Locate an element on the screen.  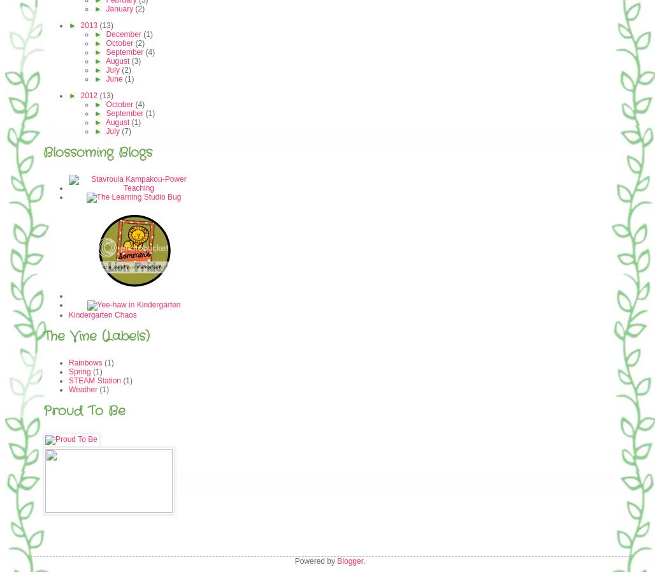
'Kindergarten Chaos' is located at coordinates (102, 314).